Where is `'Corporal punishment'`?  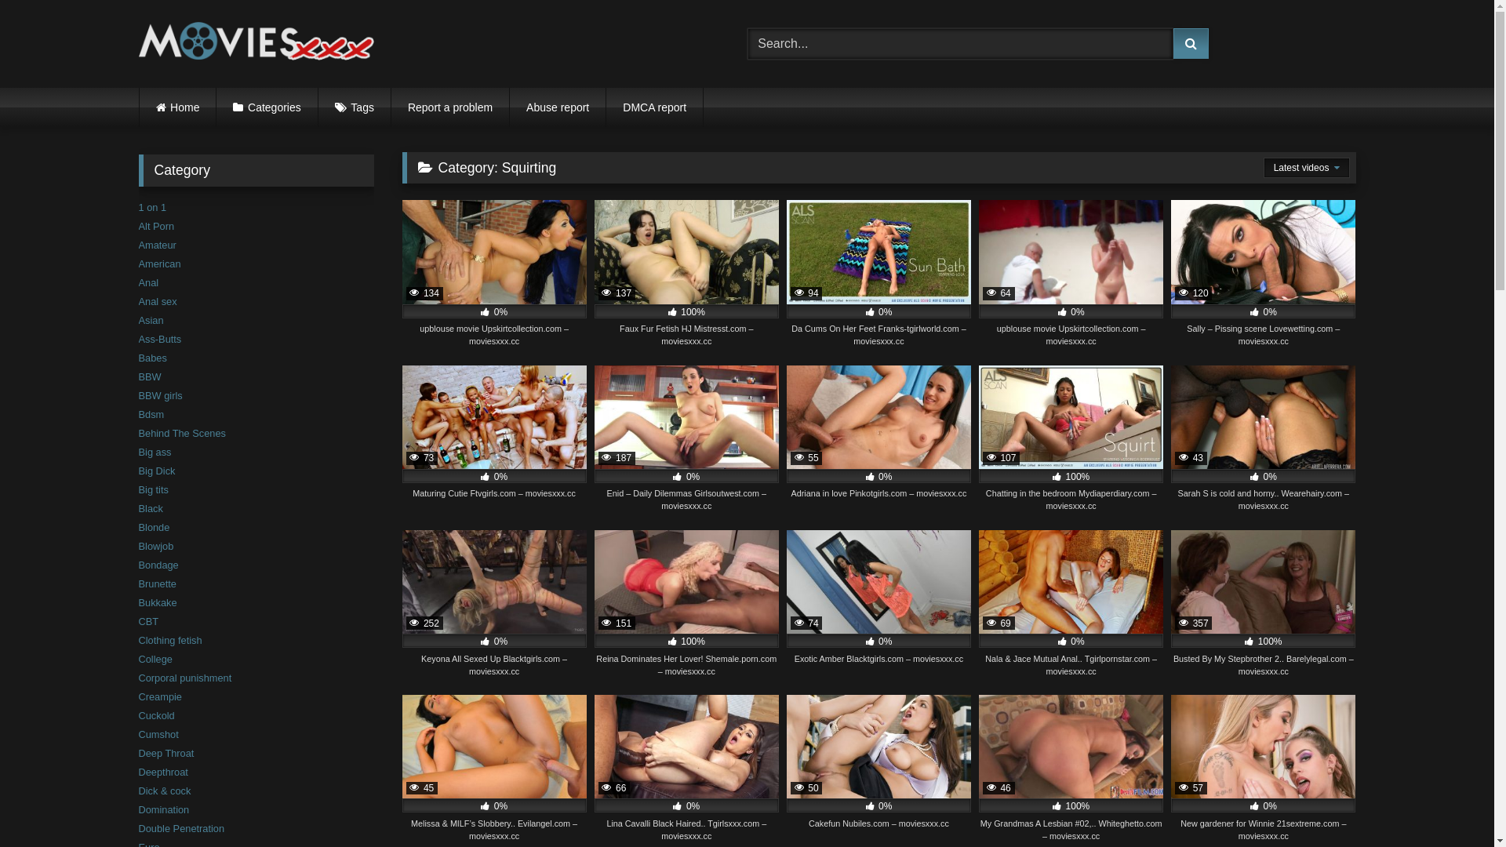
'Corporal punishment' is located at coordinates (184, 677).